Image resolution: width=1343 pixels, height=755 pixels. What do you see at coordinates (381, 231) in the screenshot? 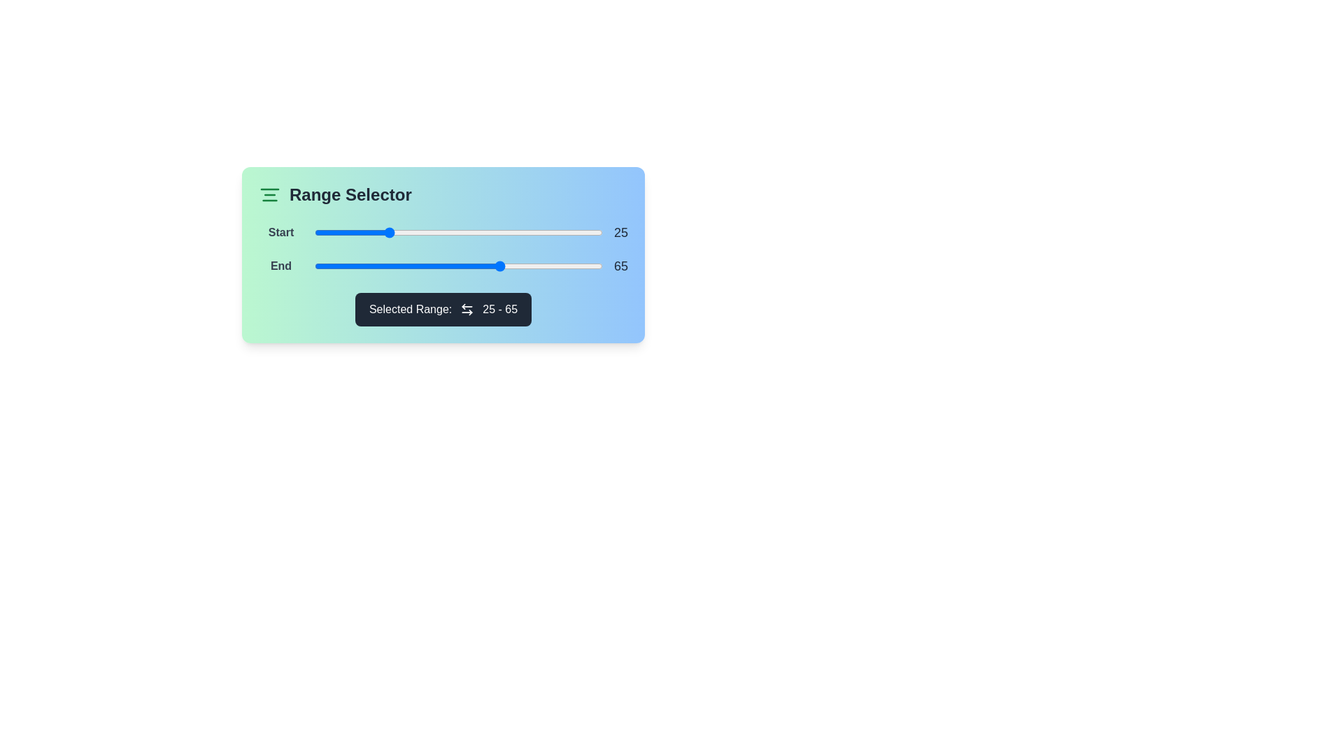
I see `the start range slider to 23` at bounding box center [381, 231].